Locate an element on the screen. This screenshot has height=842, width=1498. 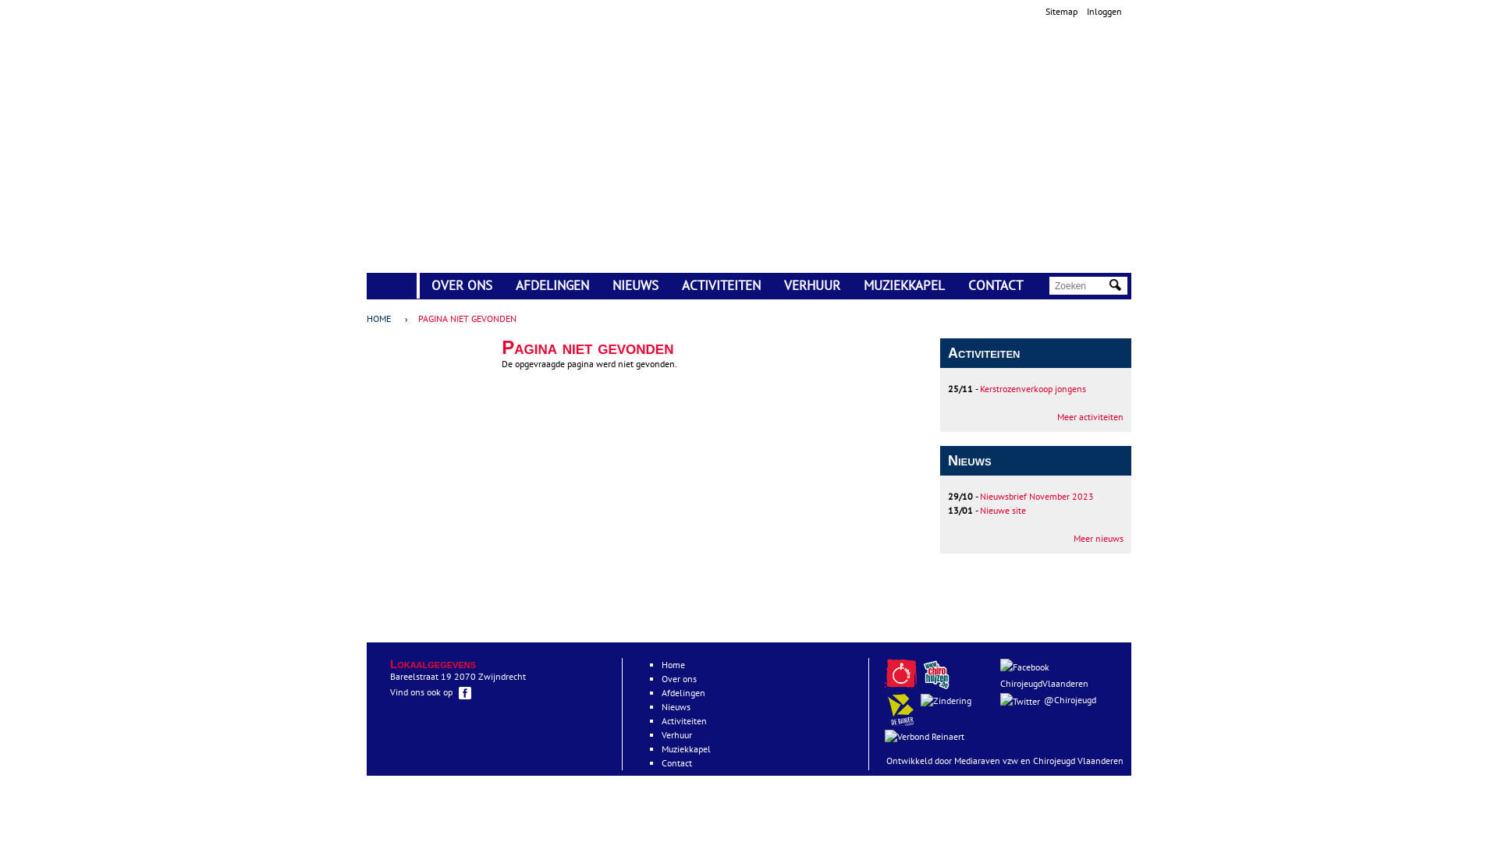
'Meer activiteiten' is located at coordinates (1089, 416).